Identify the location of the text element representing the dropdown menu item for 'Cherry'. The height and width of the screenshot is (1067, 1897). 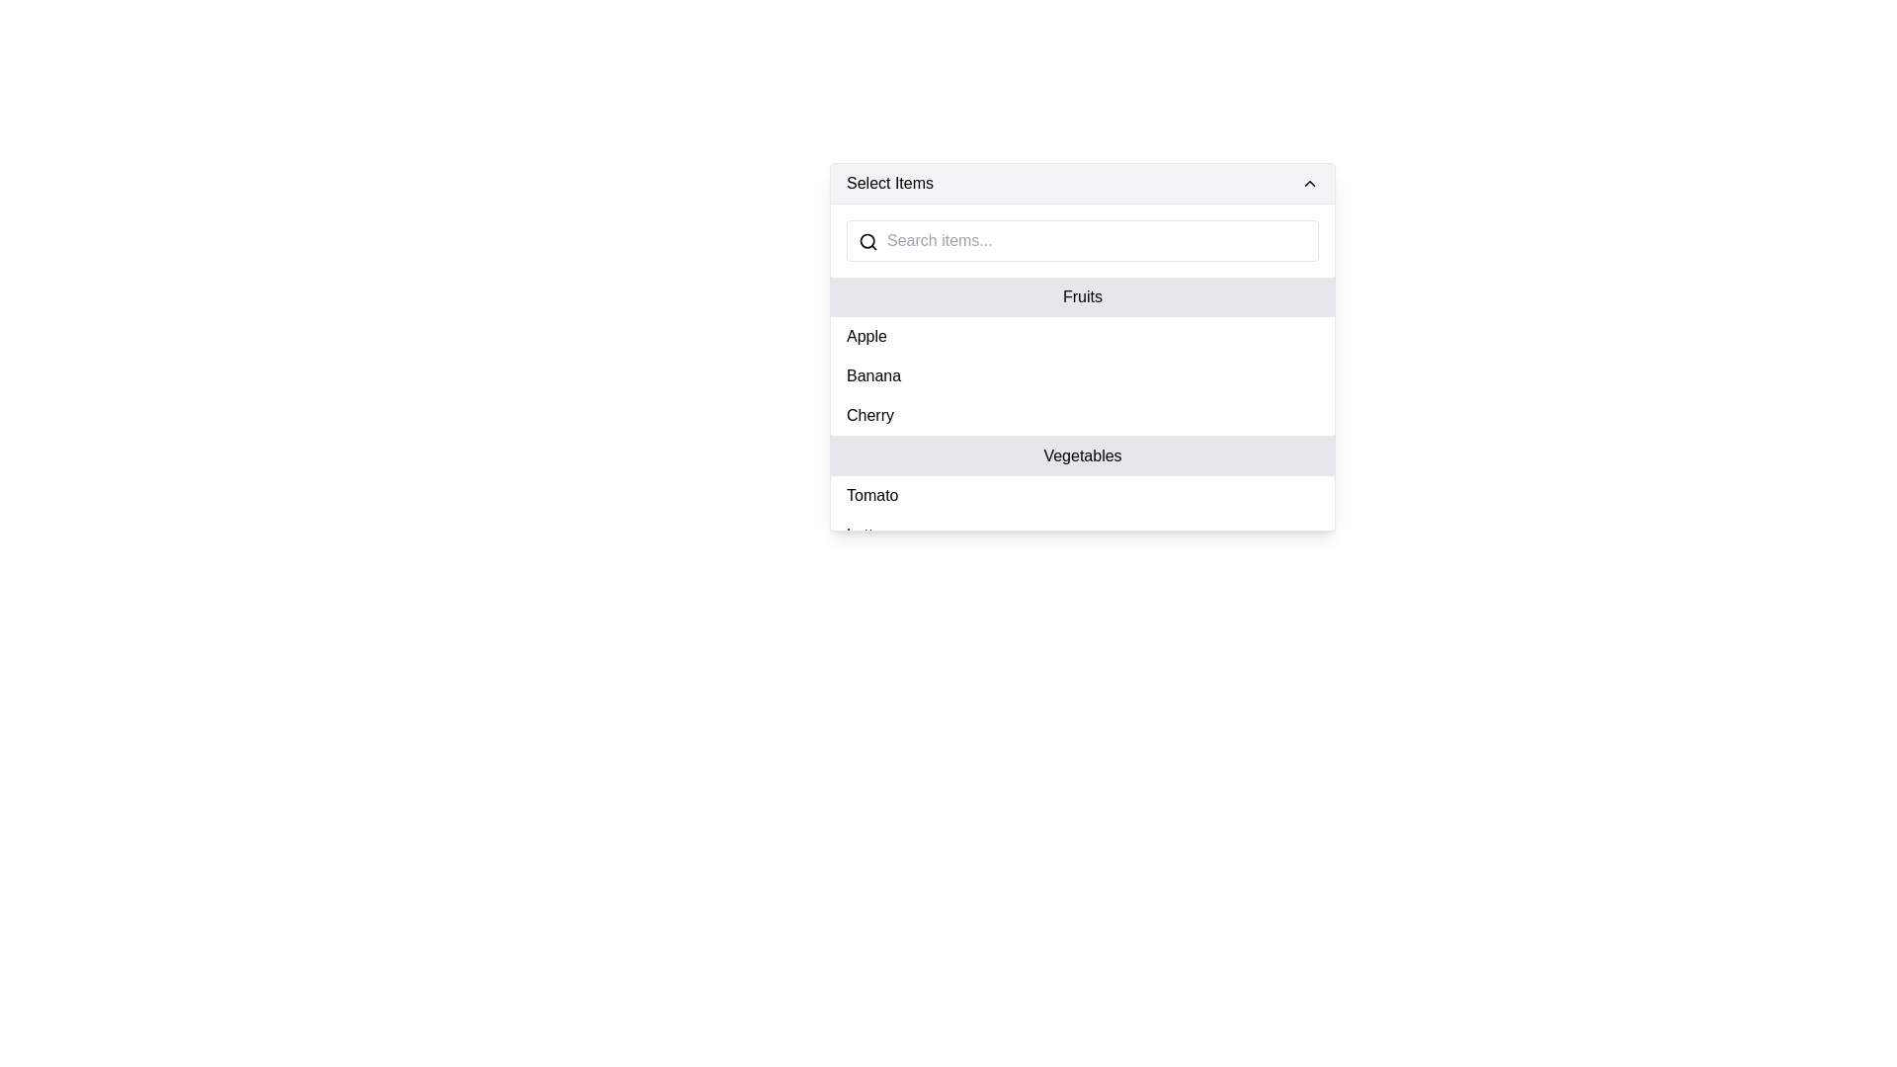
(869, 414).